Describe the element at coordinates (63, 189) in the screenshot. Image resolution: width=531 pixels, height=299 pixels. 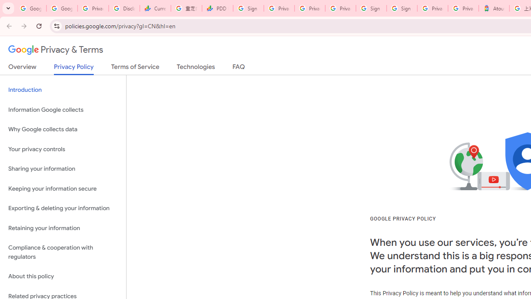
I see `'Keeping your information secure'` at that location.